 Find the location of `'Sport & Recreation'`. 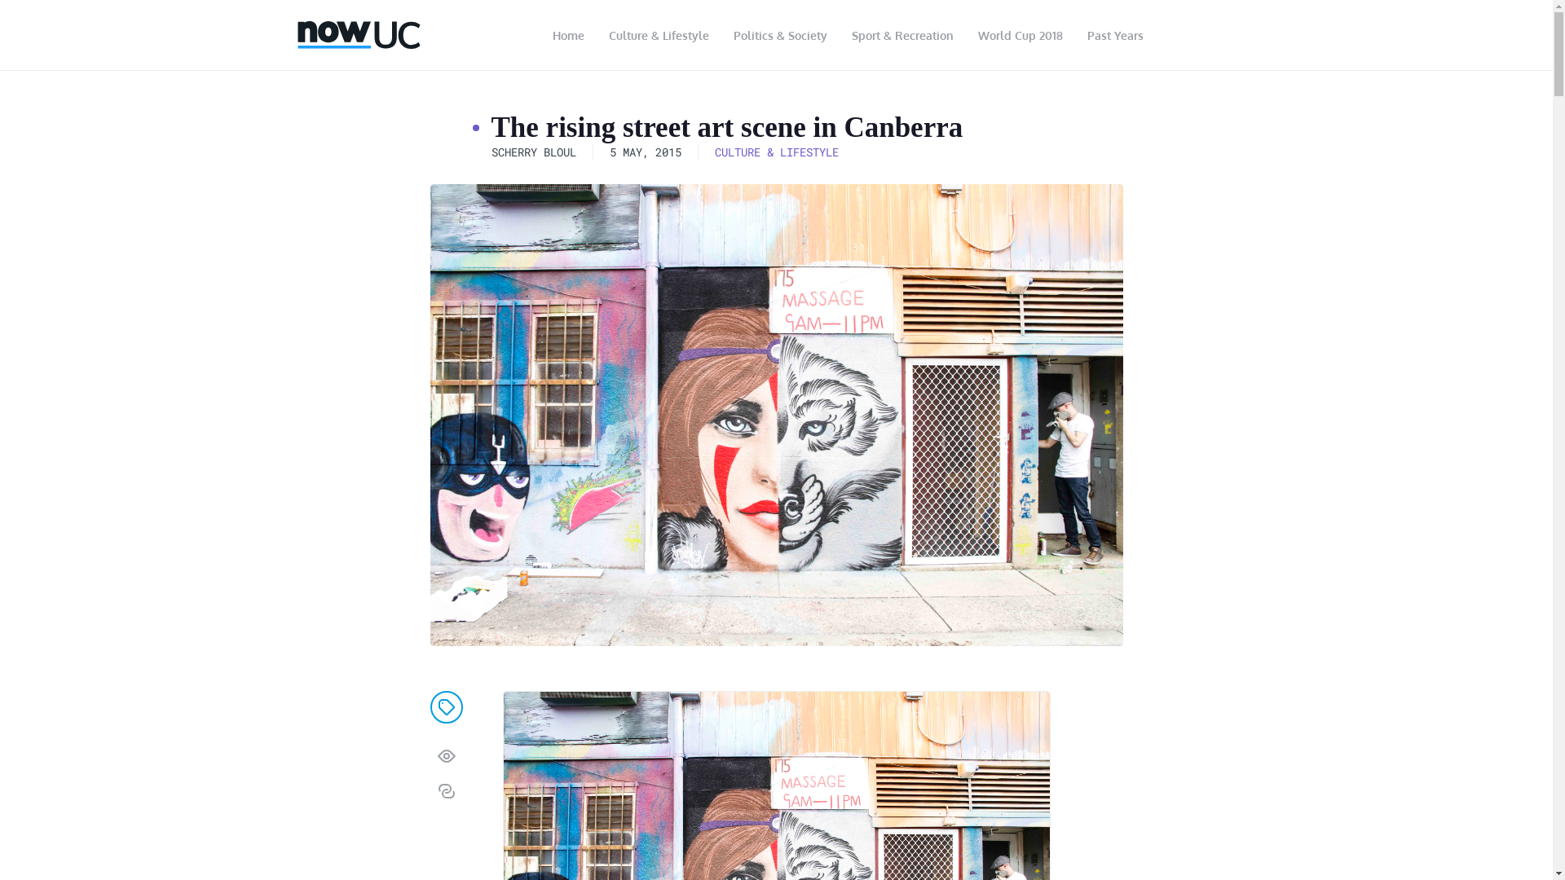

'Sport & Recreation' is located at coordinates (902, 35).